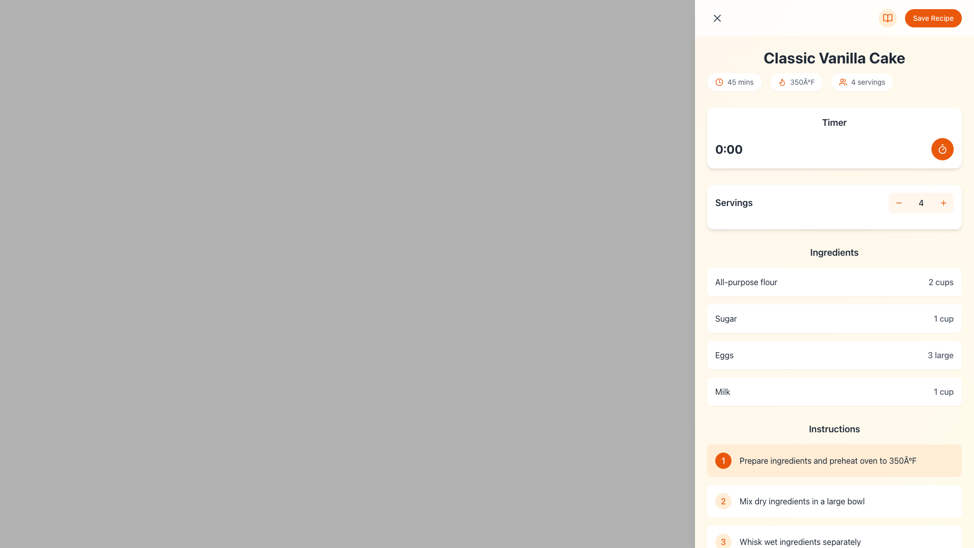  Describe the element at coordinates (943, 391) in the screenshot. I see `the Text Display element that shows the quantity of the ingredient 'Milk', positioned on the right side of the ingredient label` at that location.